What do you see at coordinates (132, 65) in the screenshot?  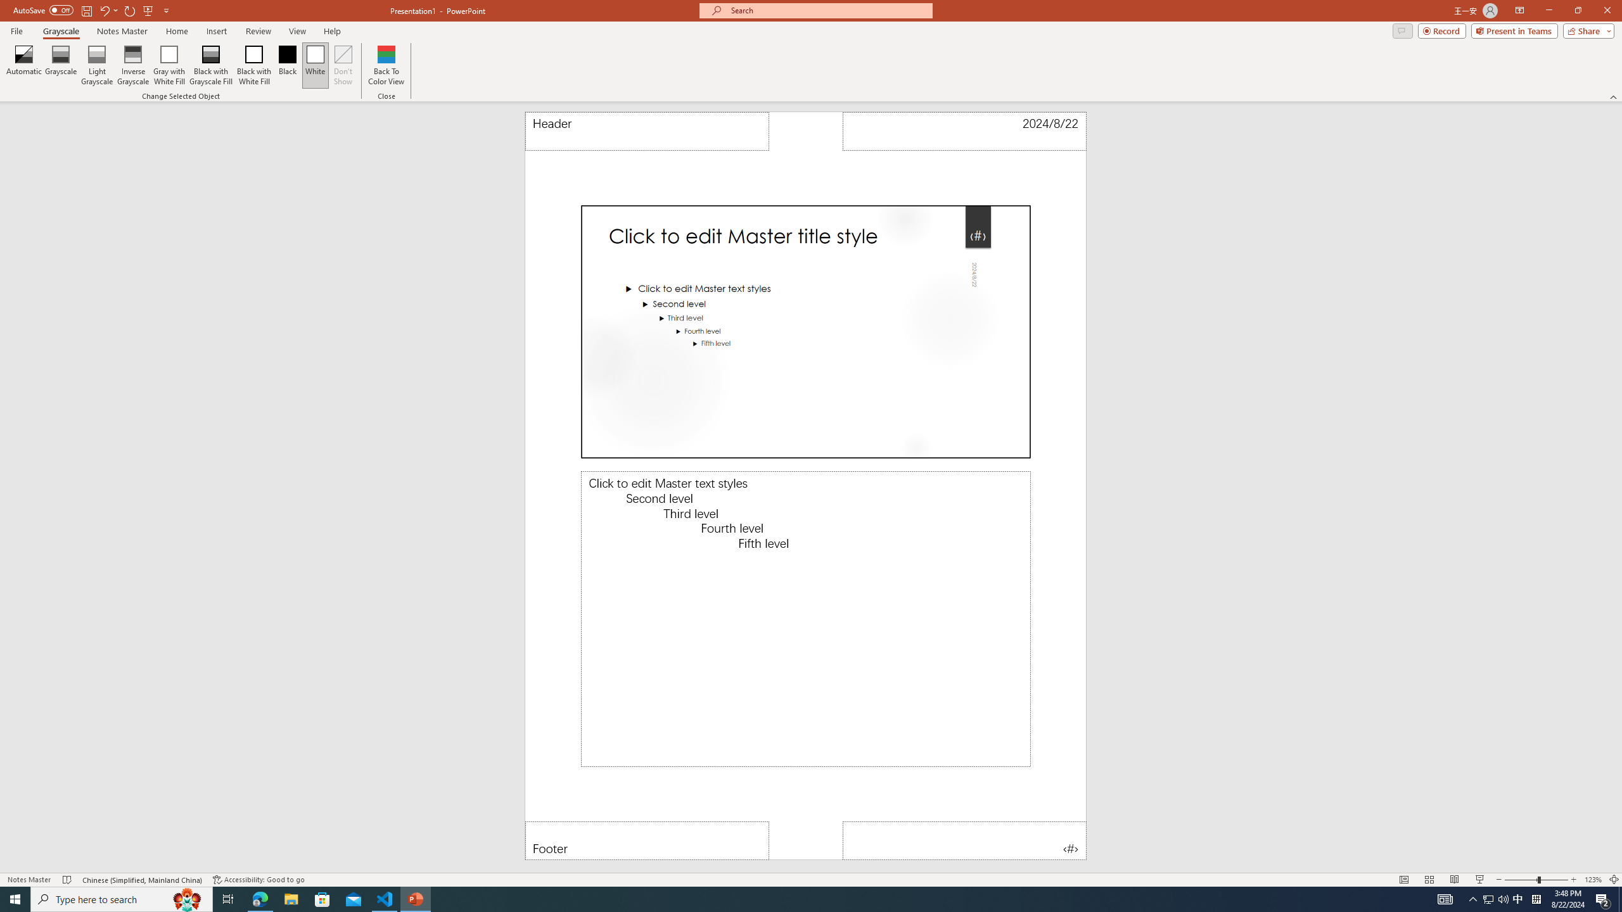 I see `'Inverse Grayscale'` at bounding box center [132, 65].